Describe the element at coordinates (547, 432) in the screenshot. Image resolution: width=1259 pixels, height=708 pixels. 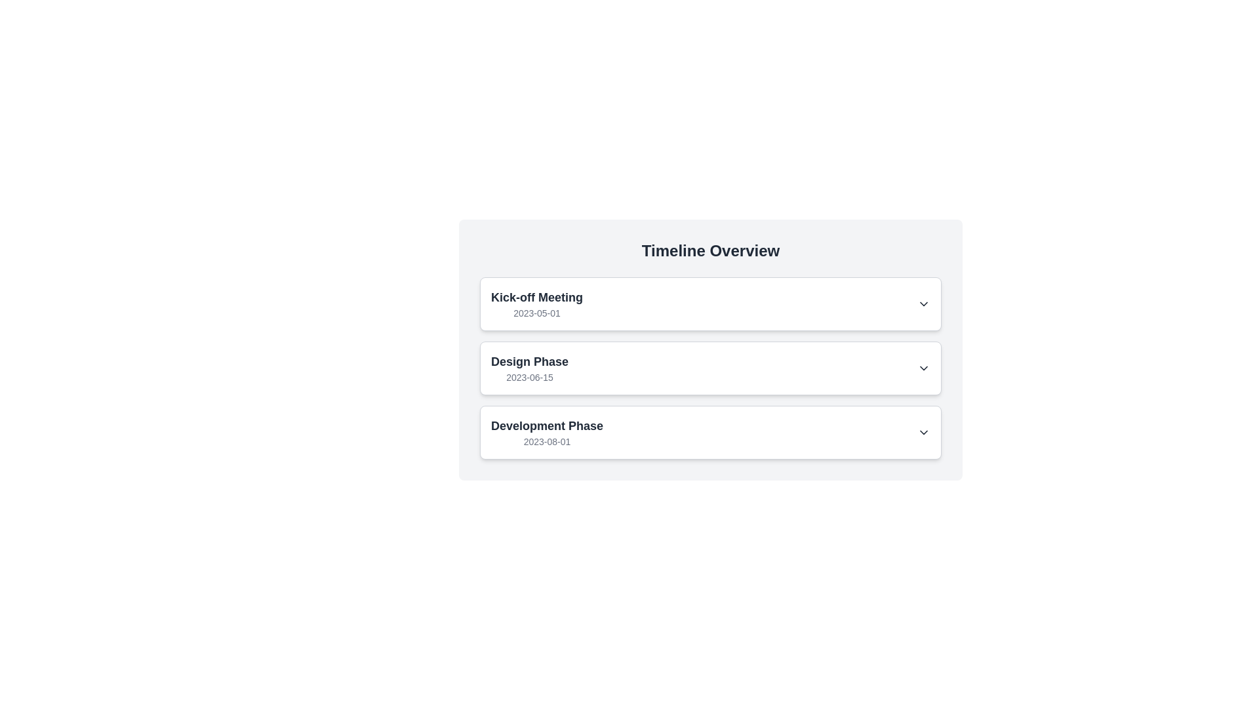
I see `the Static informational text block displaying 'Development Phase' and its date '2023-08-01', which is the third card in the vertically stacked list under 'Timeline Overview'` at that location.